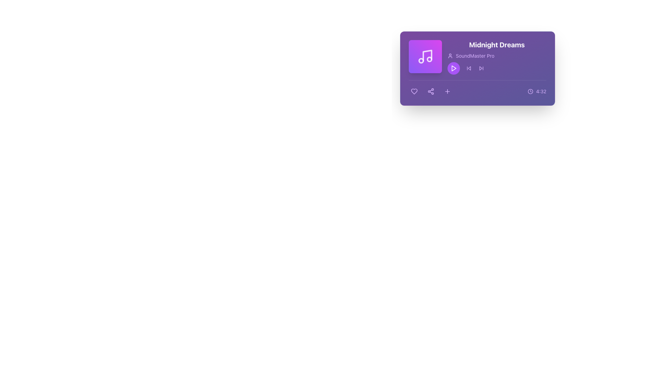 This screenshot has width=664, height=373. What do you see at coordinates (431, 91) in the screenshot?
I see `the circular button with a purple share icon, which is the middle button in a horizontal row of three options` at bounding box center [431, 91].